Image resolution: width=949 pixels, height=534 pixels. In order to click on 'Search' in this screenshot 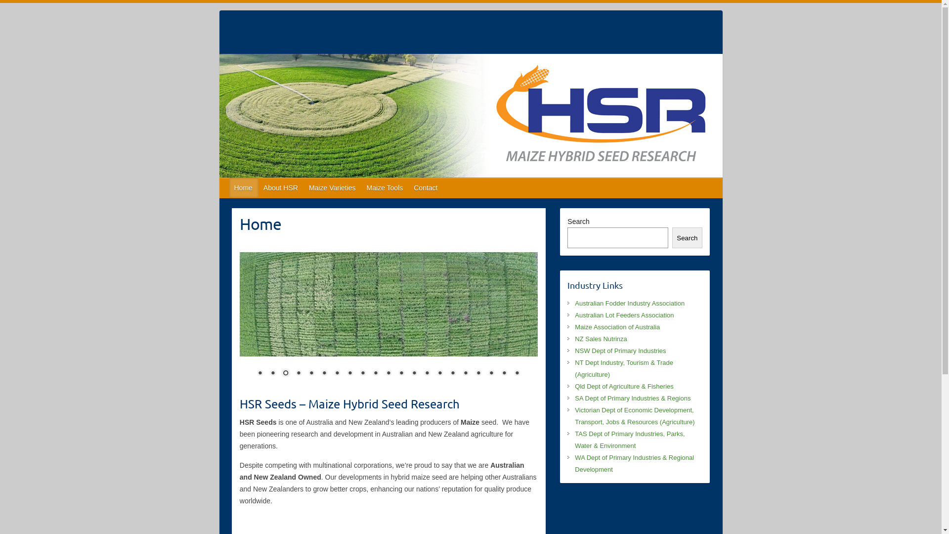, I will do `click(687, 238)`.